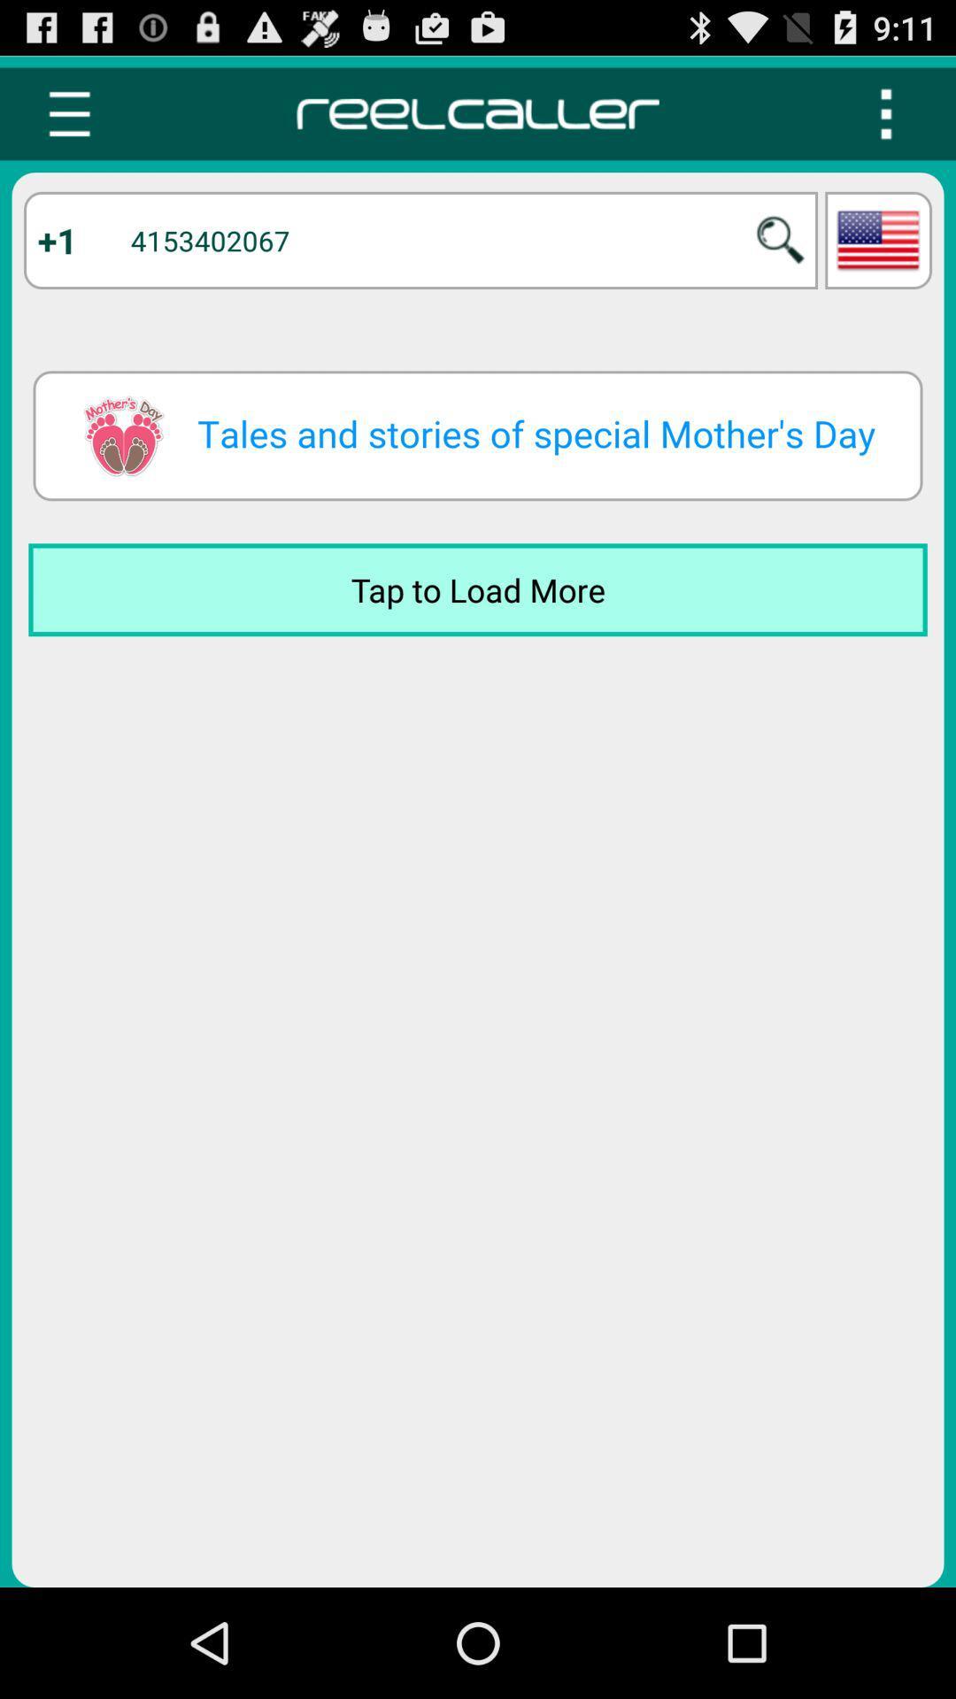 The image size is (956, 1699). What do you see at coordinates (878, 256) in the screenshot?
I see `the national_flag icon` at bounding box center [878, 256].